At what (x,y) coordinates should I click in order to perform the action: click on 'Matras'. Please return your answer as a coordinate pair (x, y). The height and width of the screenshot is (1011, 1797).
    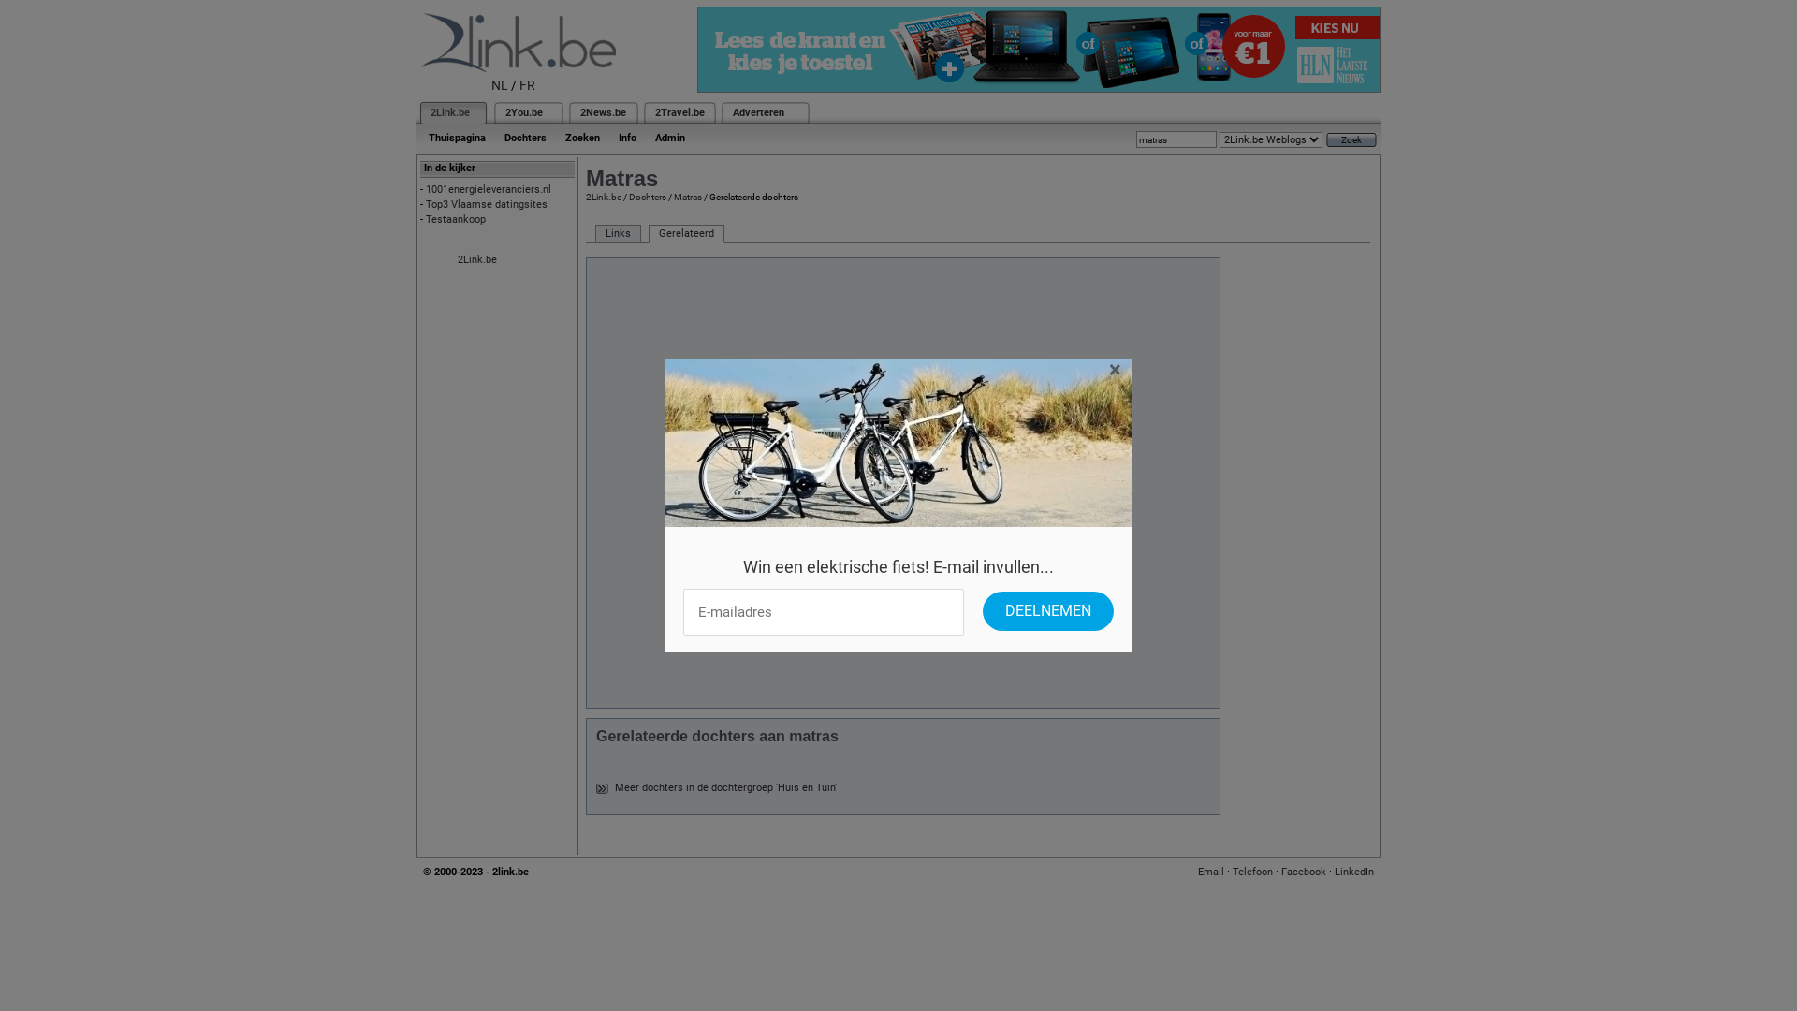
    Looking at the image, I should click on (686, 197).